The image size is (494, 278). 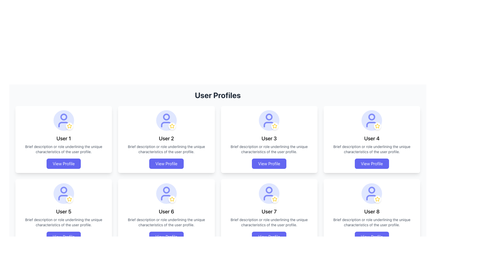 What do you see at coordinates (166, 211) in the screenshot?
I see `the centered text label displaying 'User 6', which is located in the second row and second column of the user profile grid inside a card layout` at bounding box center [166, 211].